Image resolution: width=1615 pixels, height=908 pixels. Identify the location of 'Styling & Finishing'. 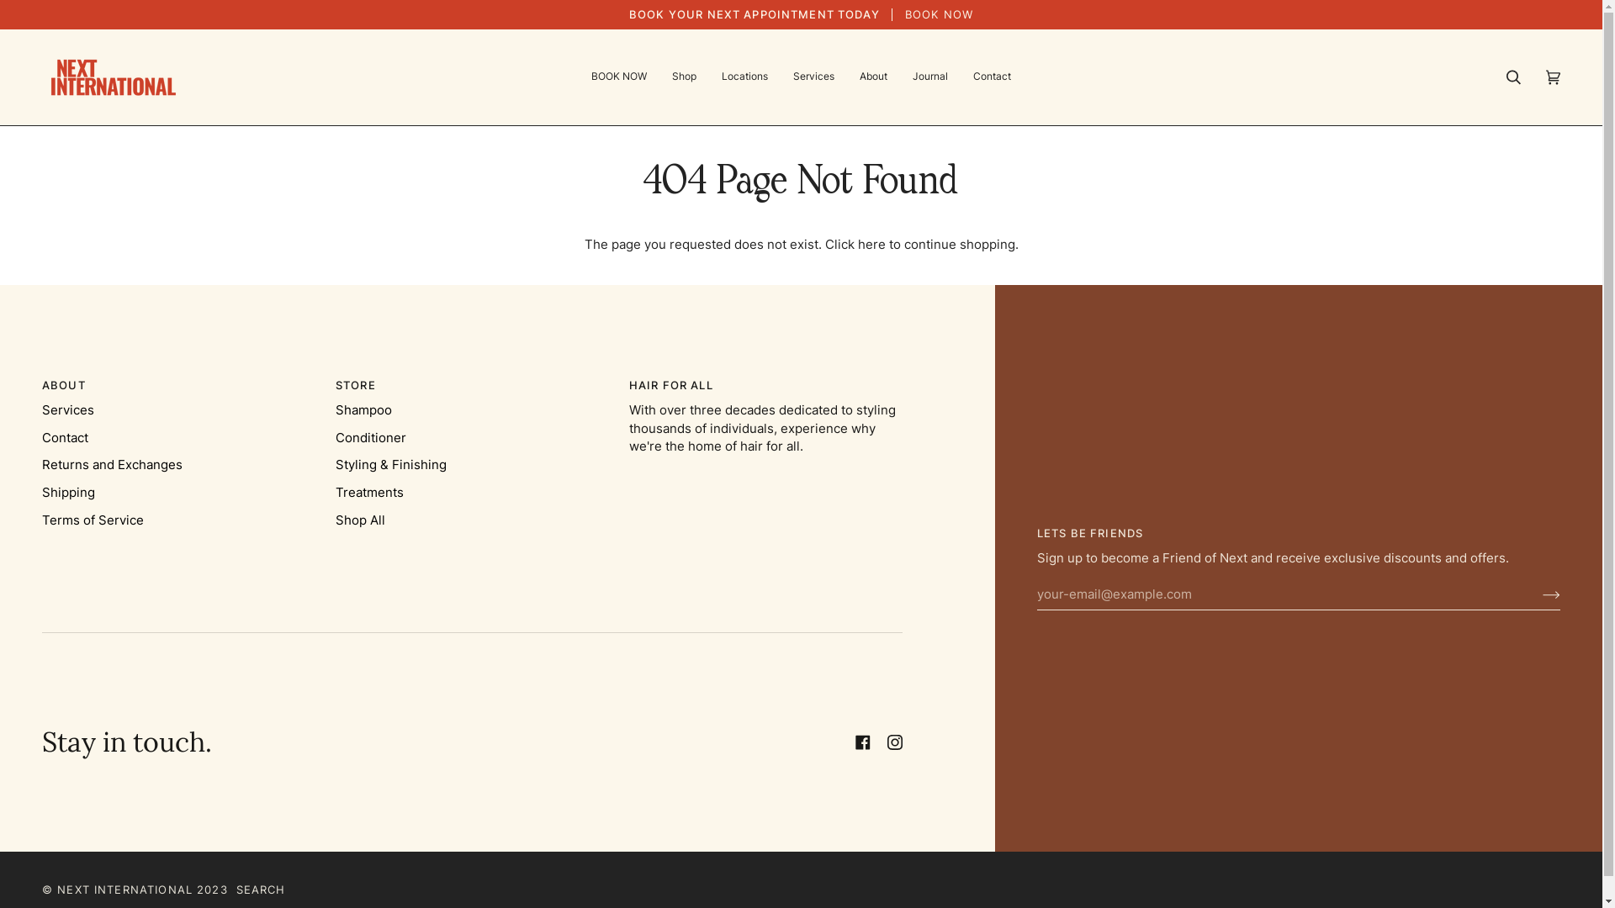
(390, 464).